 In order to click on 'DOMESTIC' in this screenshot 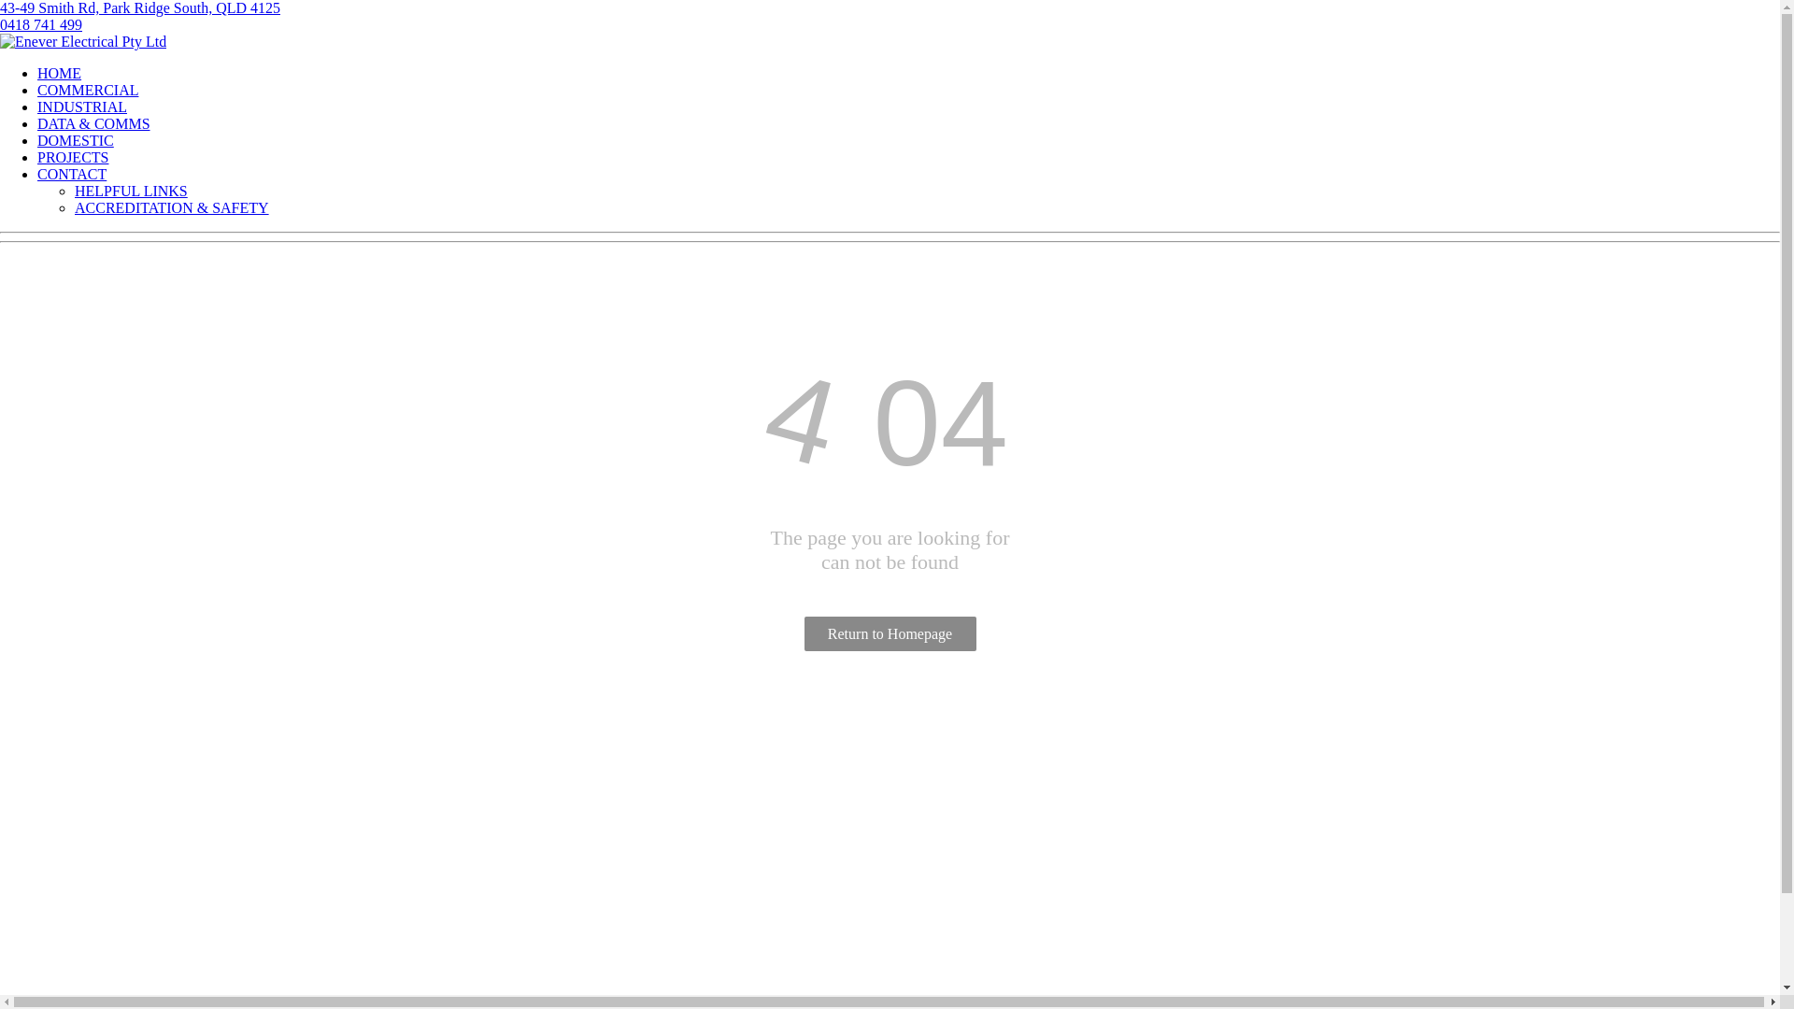, I will do `click(75, 139)`.